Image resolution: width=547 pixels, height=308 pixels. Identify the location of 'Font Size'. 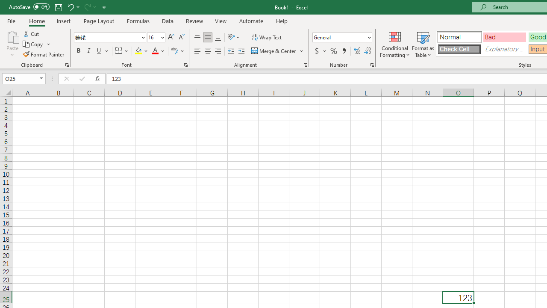
(156, 37).